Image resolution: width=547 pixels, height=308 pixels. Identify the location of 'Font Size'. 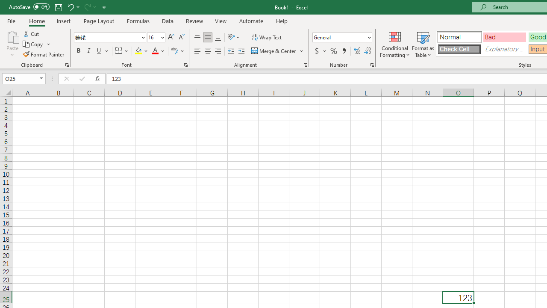
(156, 37).